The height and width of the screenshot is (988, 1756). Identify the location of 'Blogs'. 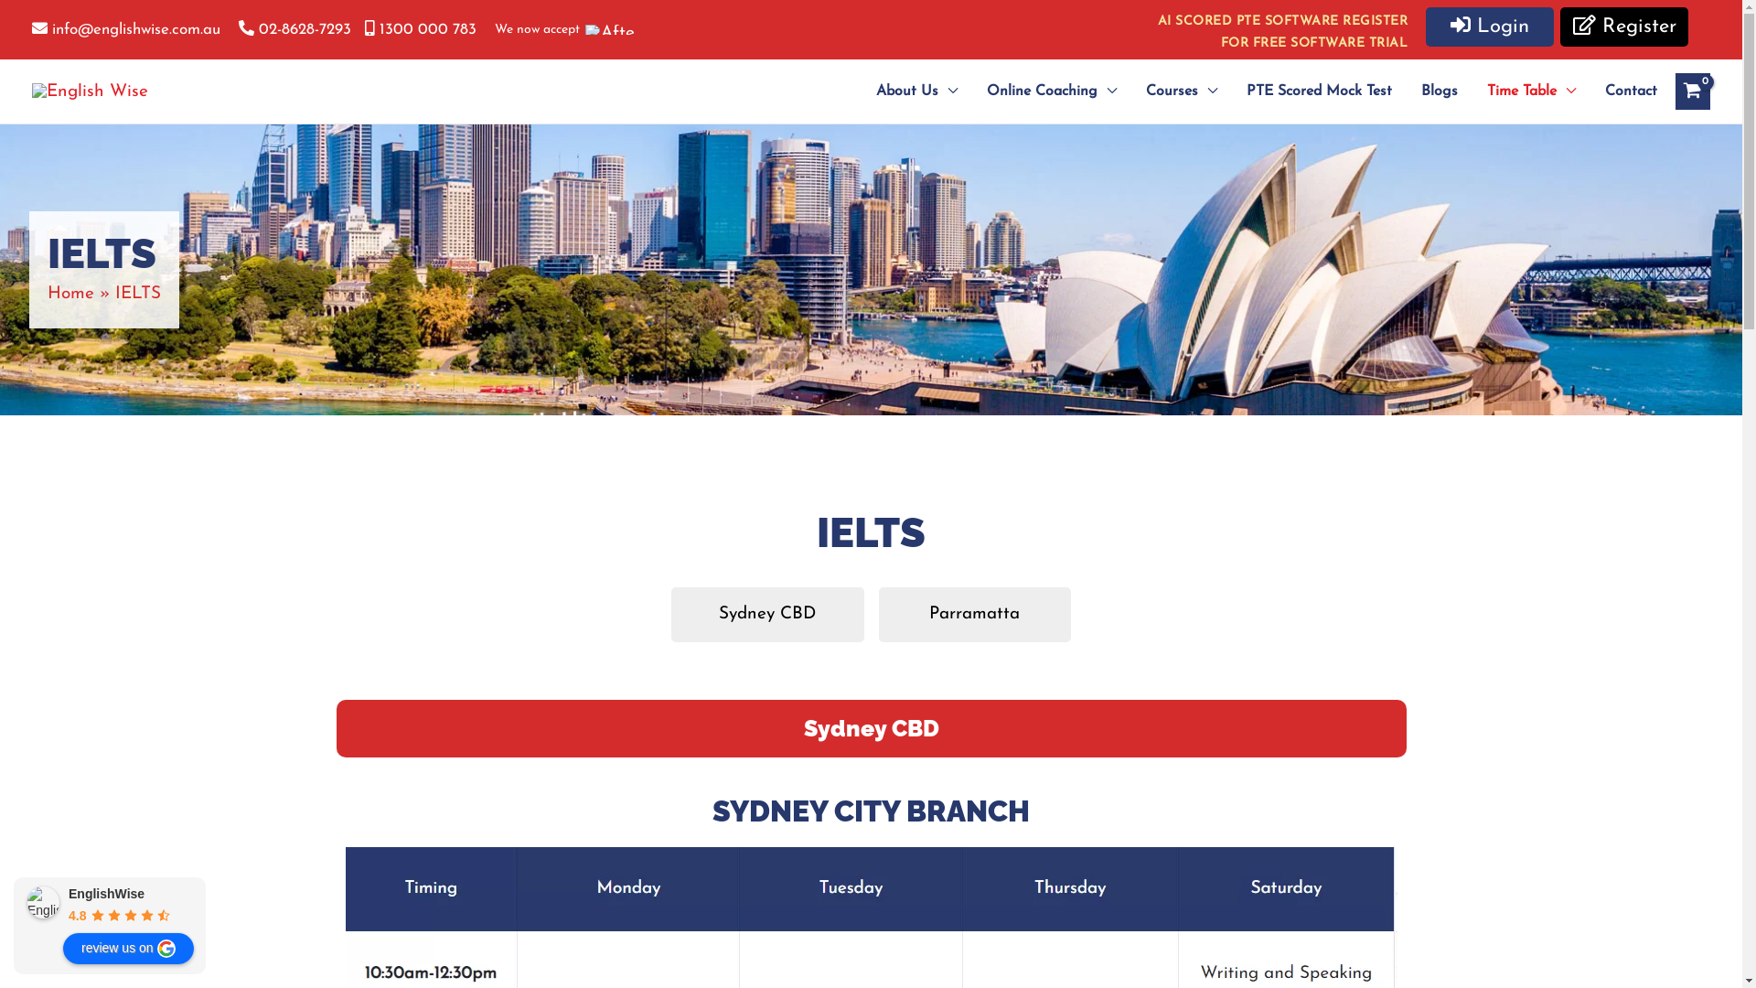
(1439, 91).